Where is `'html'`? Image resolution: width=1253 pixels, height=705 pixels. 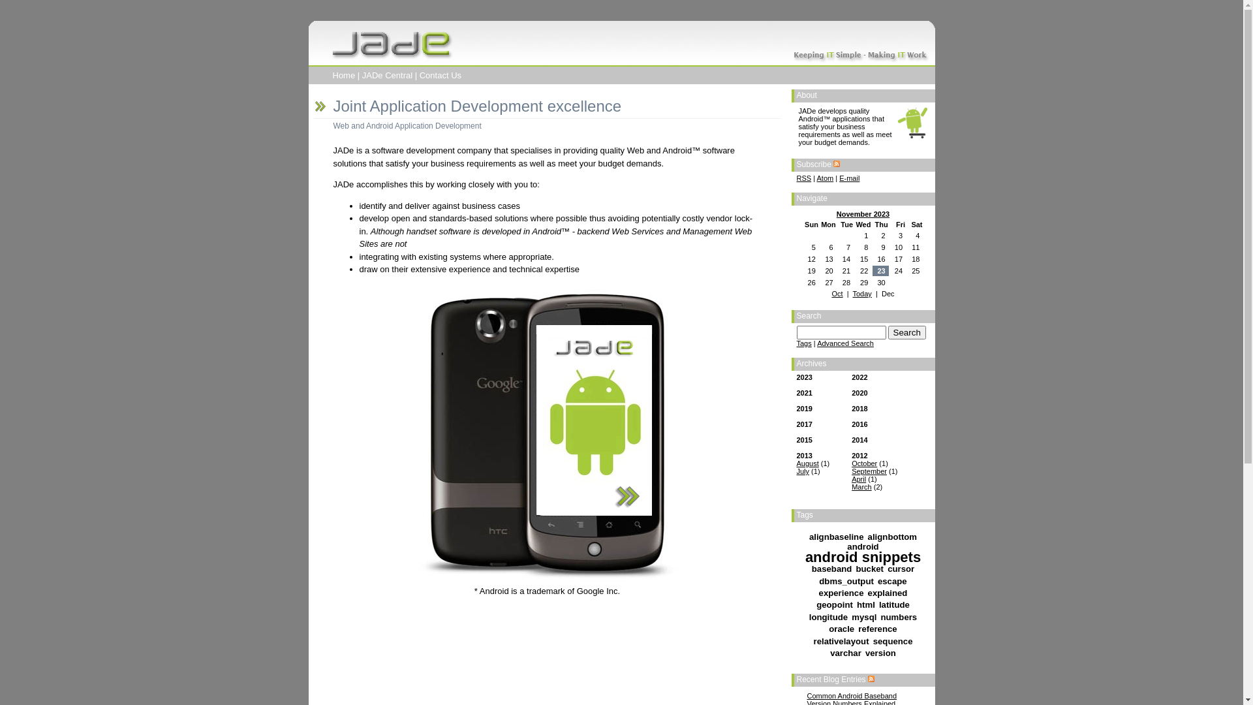
'html' is located at coordinates (865, 604).